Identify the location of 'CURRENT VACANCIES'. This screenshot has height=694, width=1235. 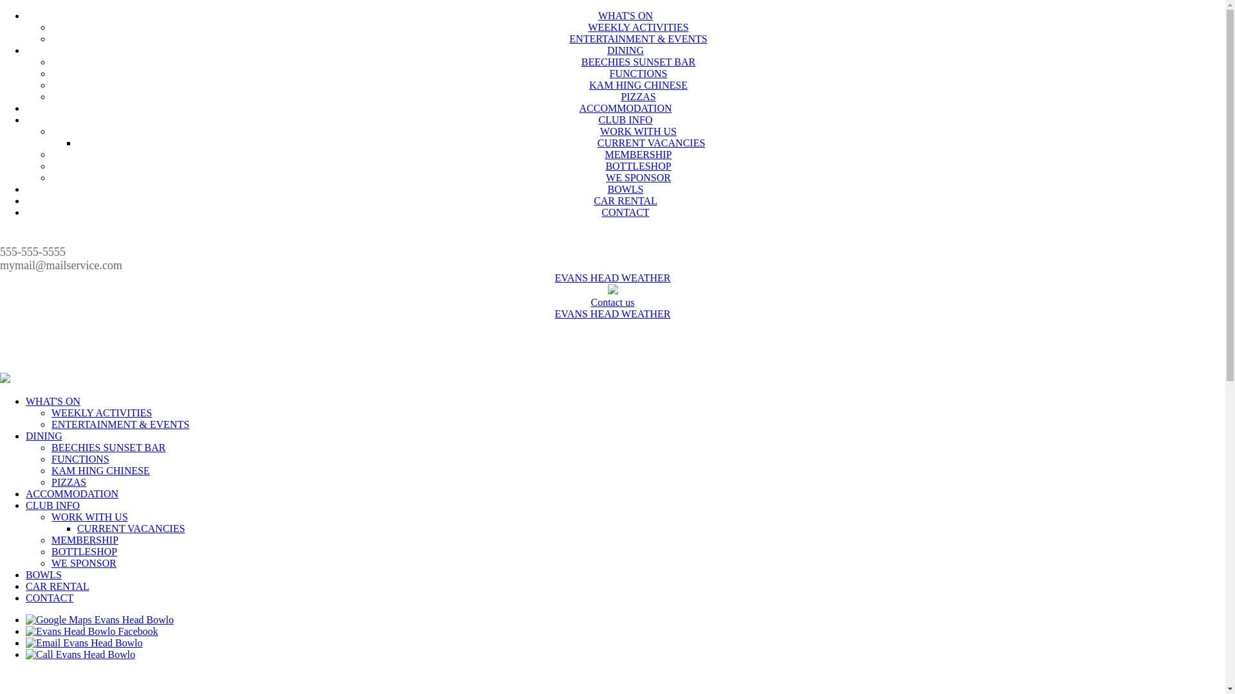
(651, 143).